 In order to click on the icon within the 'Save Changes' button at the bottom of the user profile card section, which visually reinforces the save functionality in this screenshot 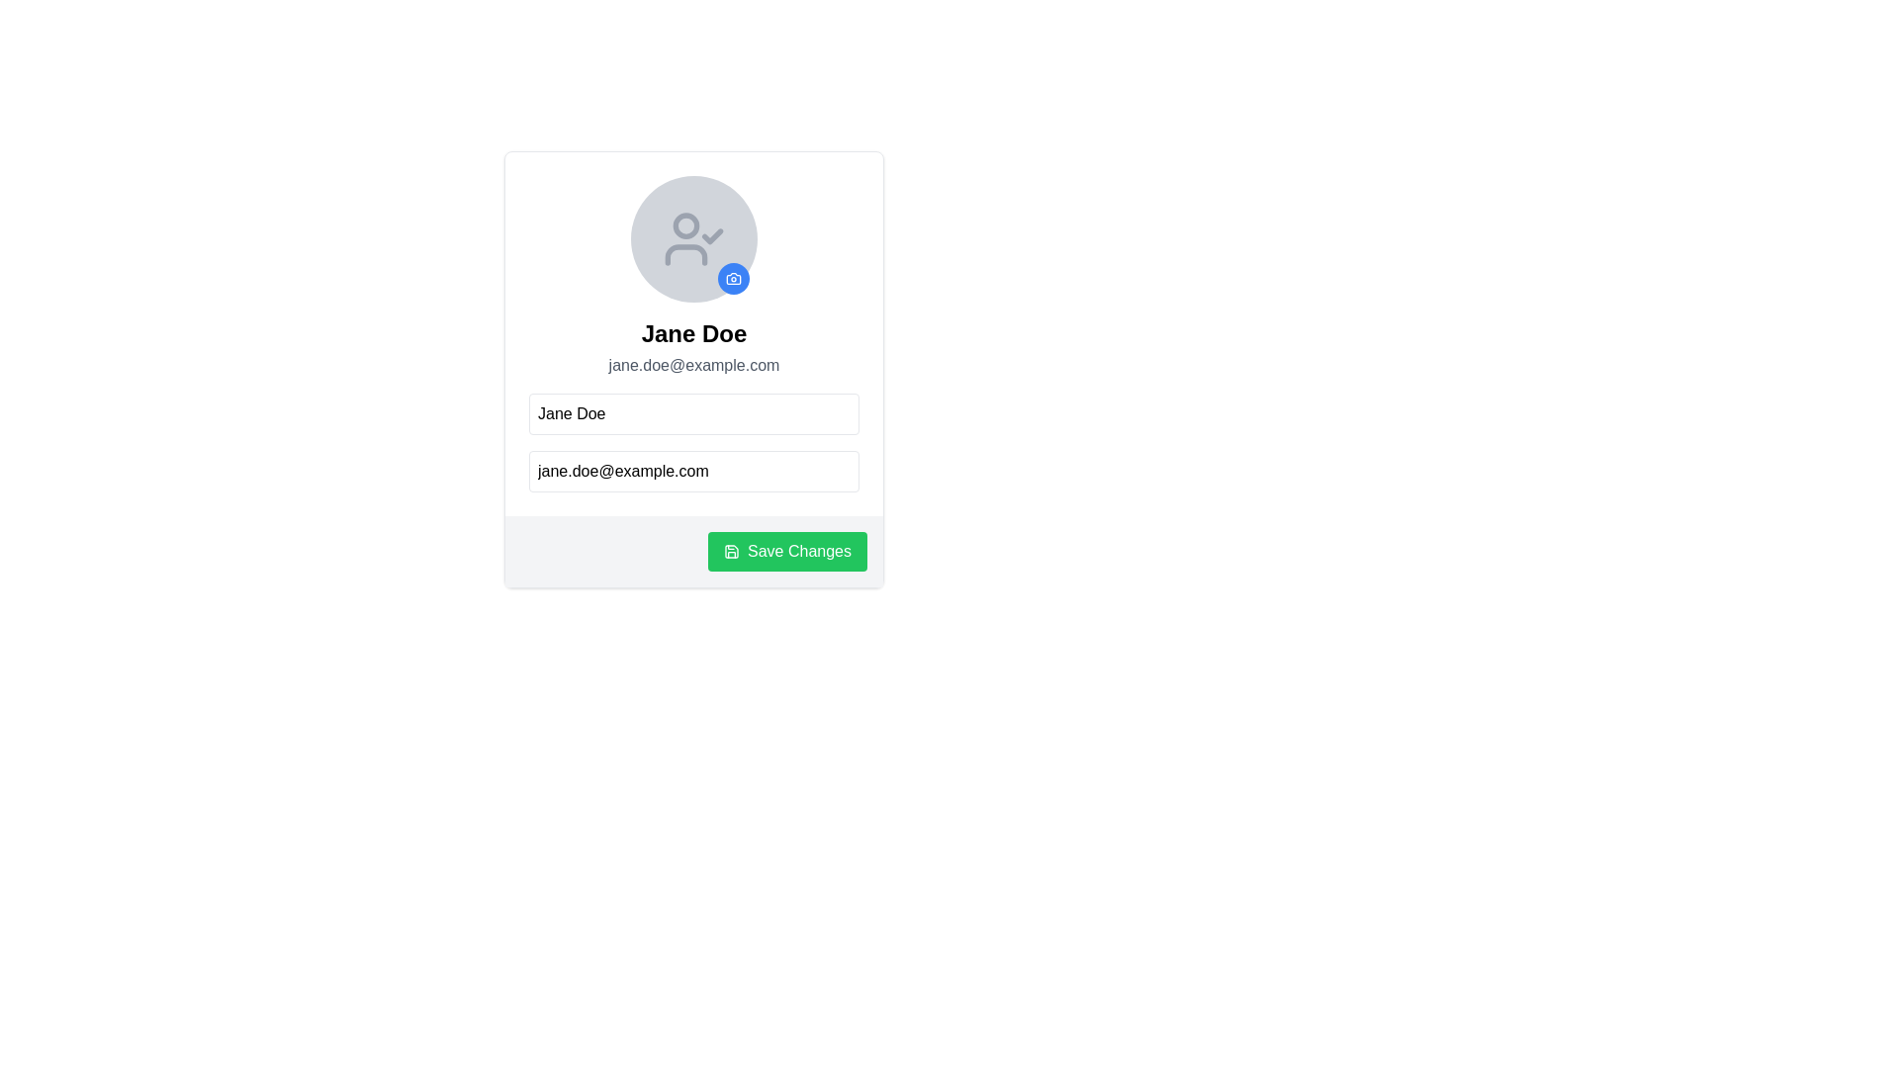, I will do `click(730, 552)`.